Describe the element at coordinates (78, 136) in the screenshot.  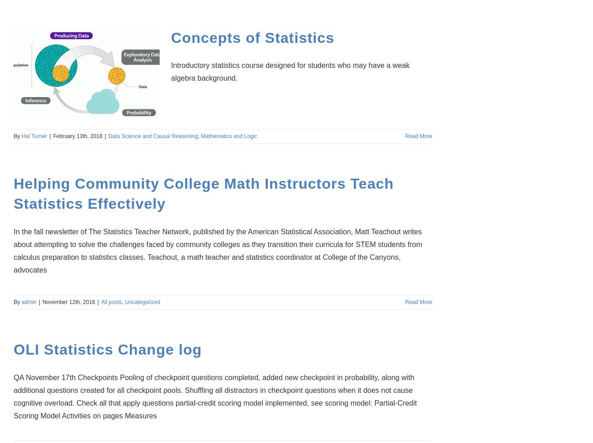
I see `'February 13th, 2018'` at that location.